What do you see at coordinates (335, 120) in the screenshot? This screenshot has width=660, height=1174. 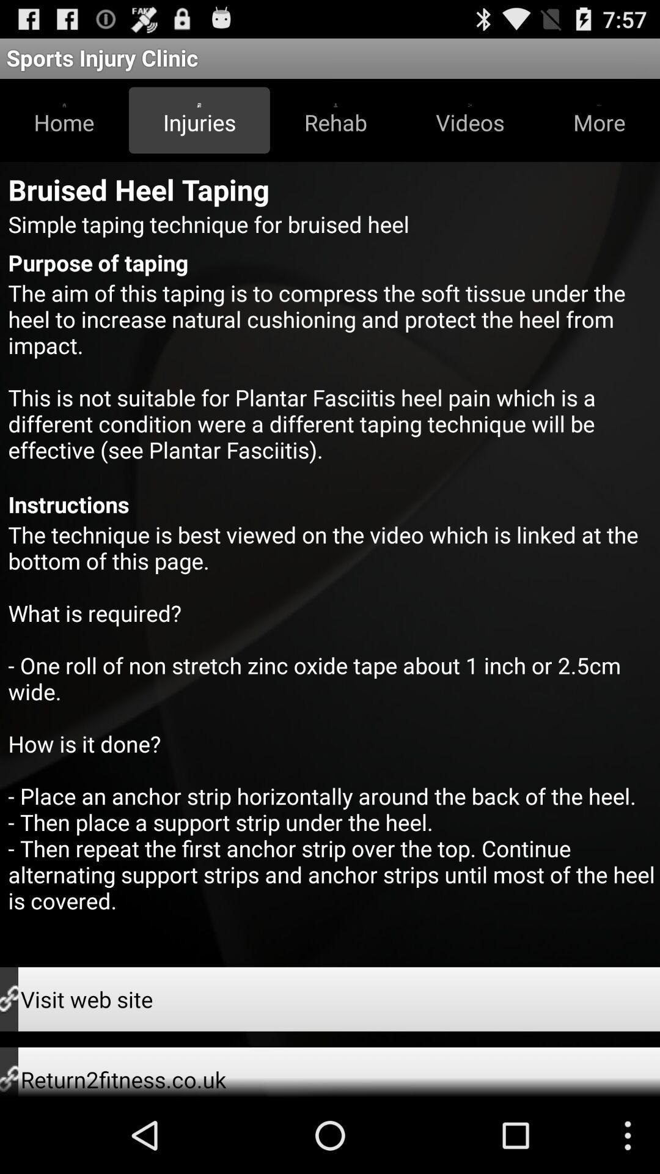 I see `item below sports injury clinic` at bounding box center [335, 120].